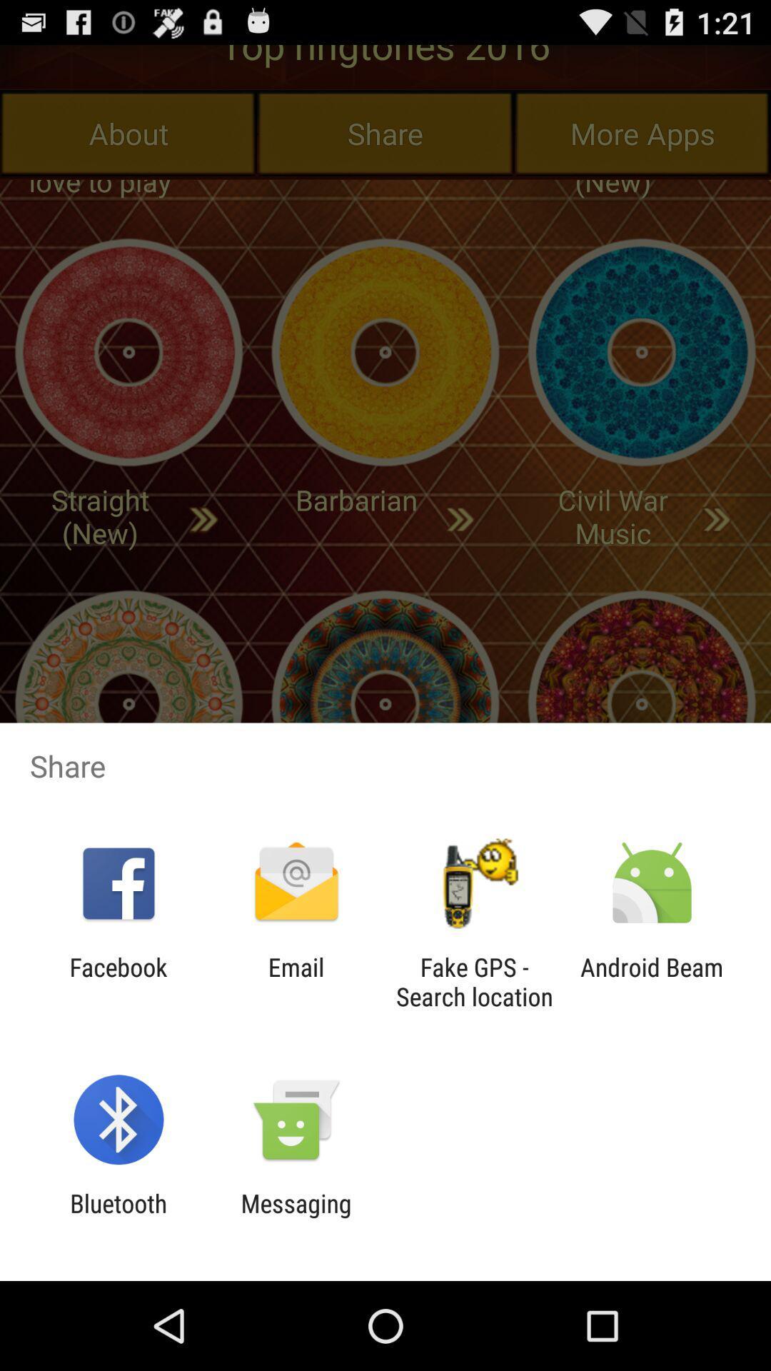 Image resolution: width=771 pixels, height=1371 pixels. What do you see at coordinates (296, 1217) in the screenshot?
I see `item to the right of bluetooth icon` at bounding box center [296, 1217].